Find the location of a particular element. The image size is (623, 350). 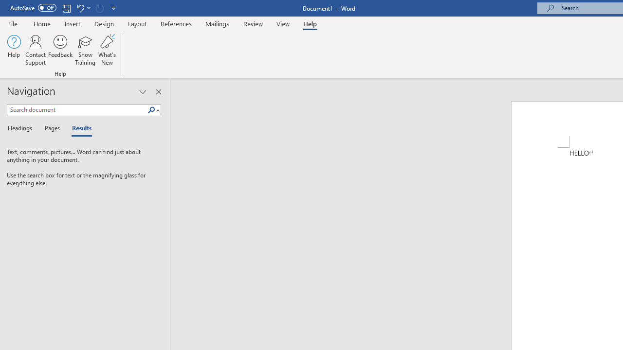

'Search' is located at coordinates (151, 110).